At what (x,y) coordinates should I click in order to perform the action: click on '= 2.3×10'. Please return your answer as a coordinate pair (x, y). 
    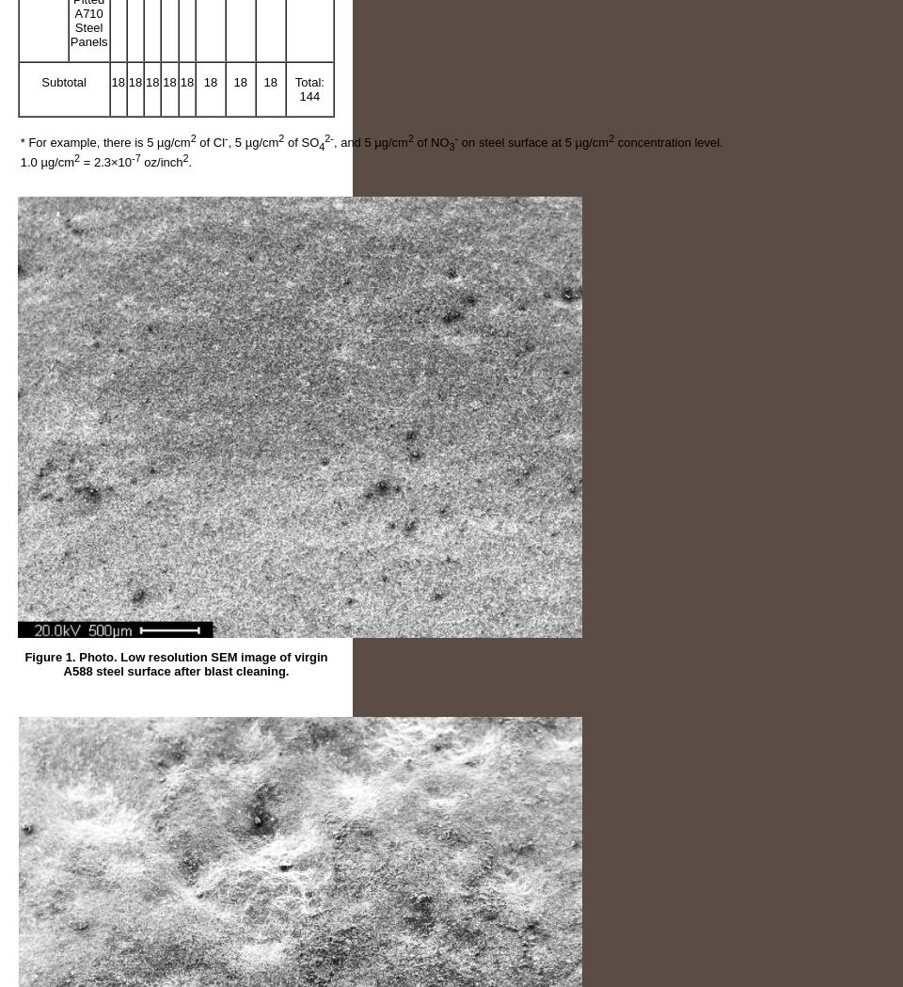
    Looking at the image, I should click on (105, 161).